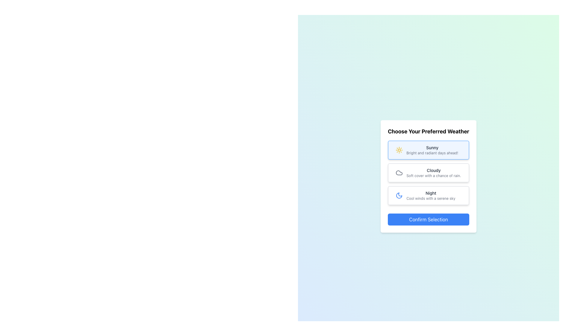  I want to click on the Title or Header Text element that serves as the main title for the weather options card, which is located at the top of the card component, so click(428, 131).